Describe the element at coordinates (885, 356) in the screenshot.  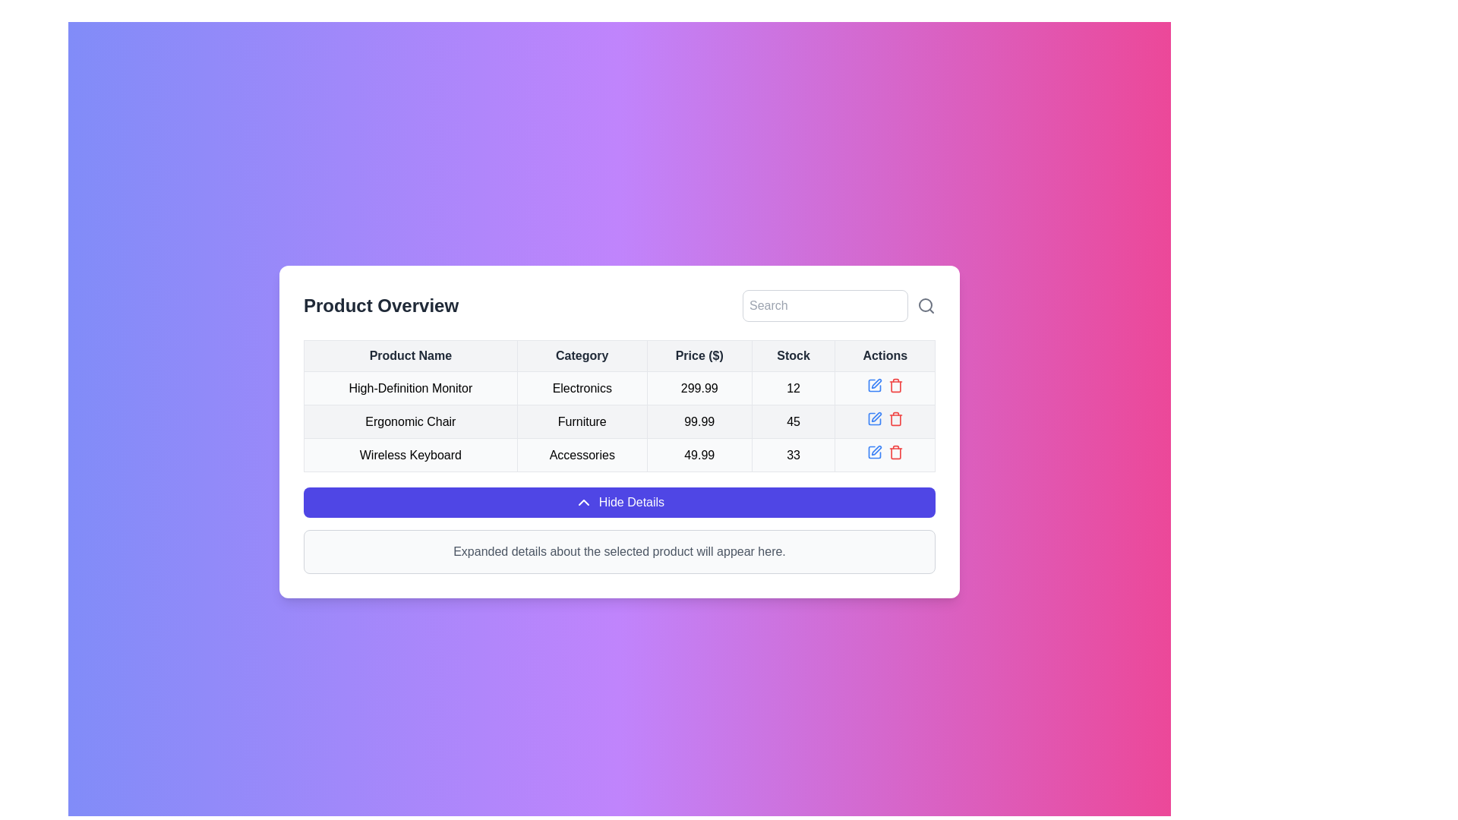
I see `the table header cell labeled 'Actions', which is the fifth and last item in the header row, located at the far right with bold, dark font and a consistent border` at that location.